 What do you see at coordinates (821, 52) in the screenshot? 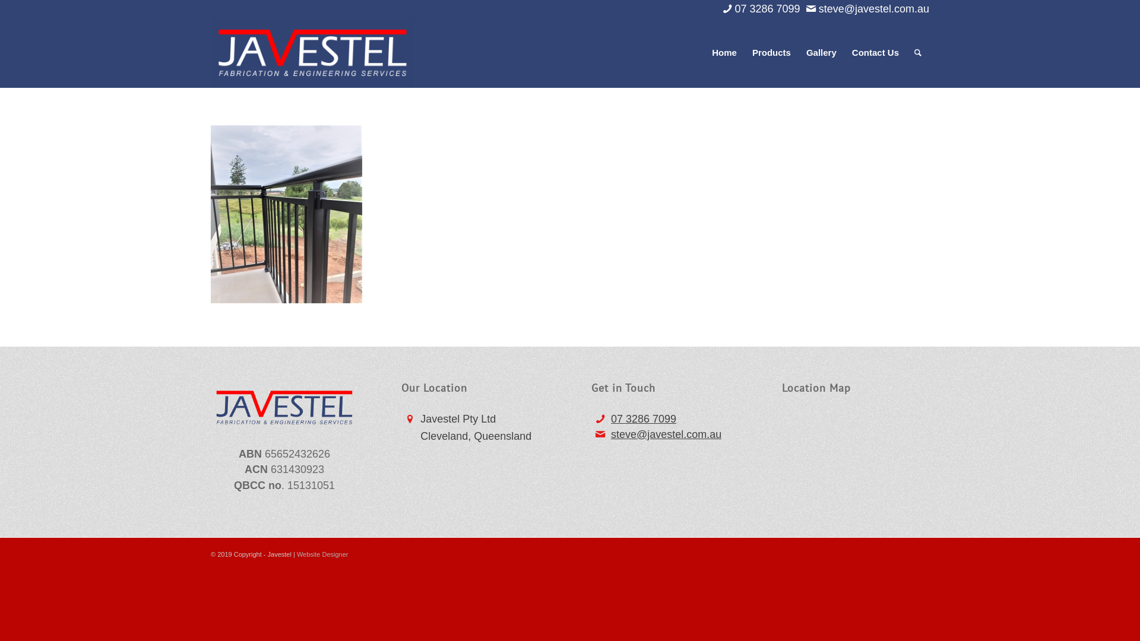
I see `'Gallery'` at bounding box center [821, 52].